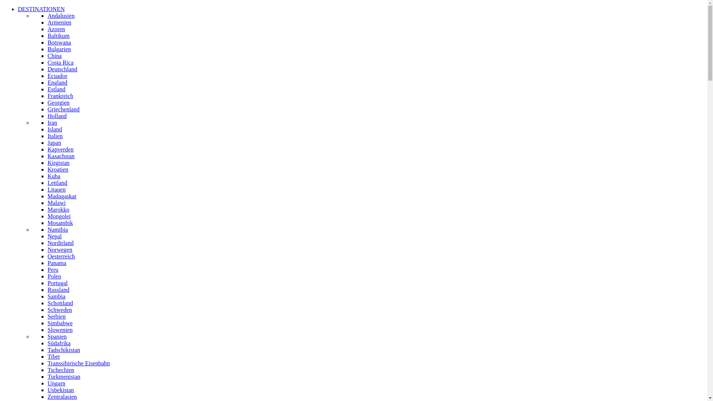 This screenshot has height=401, width=713. Describe the element at coordinates (55, 136) in the screenshot. I see `'Italien'` at that location.